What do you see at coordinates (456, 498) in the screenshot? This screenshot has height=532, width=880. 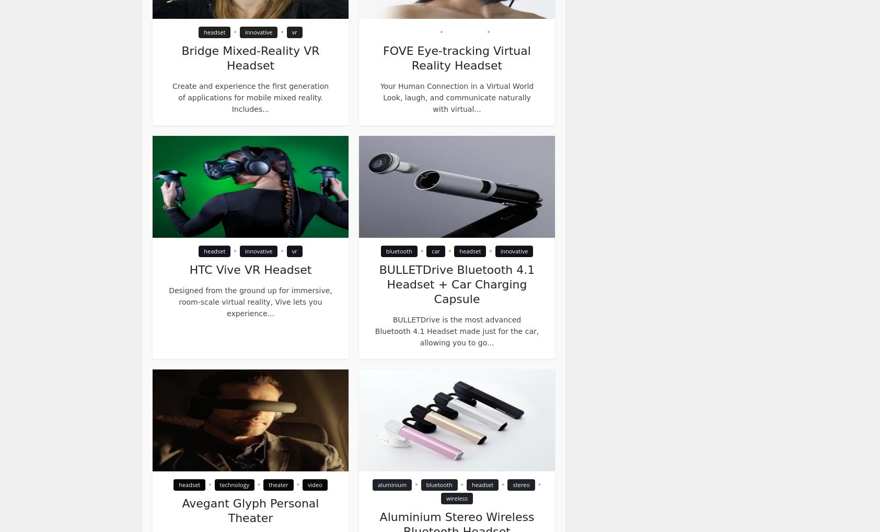 I see `'wireless'` at bounding box center [456, 498].